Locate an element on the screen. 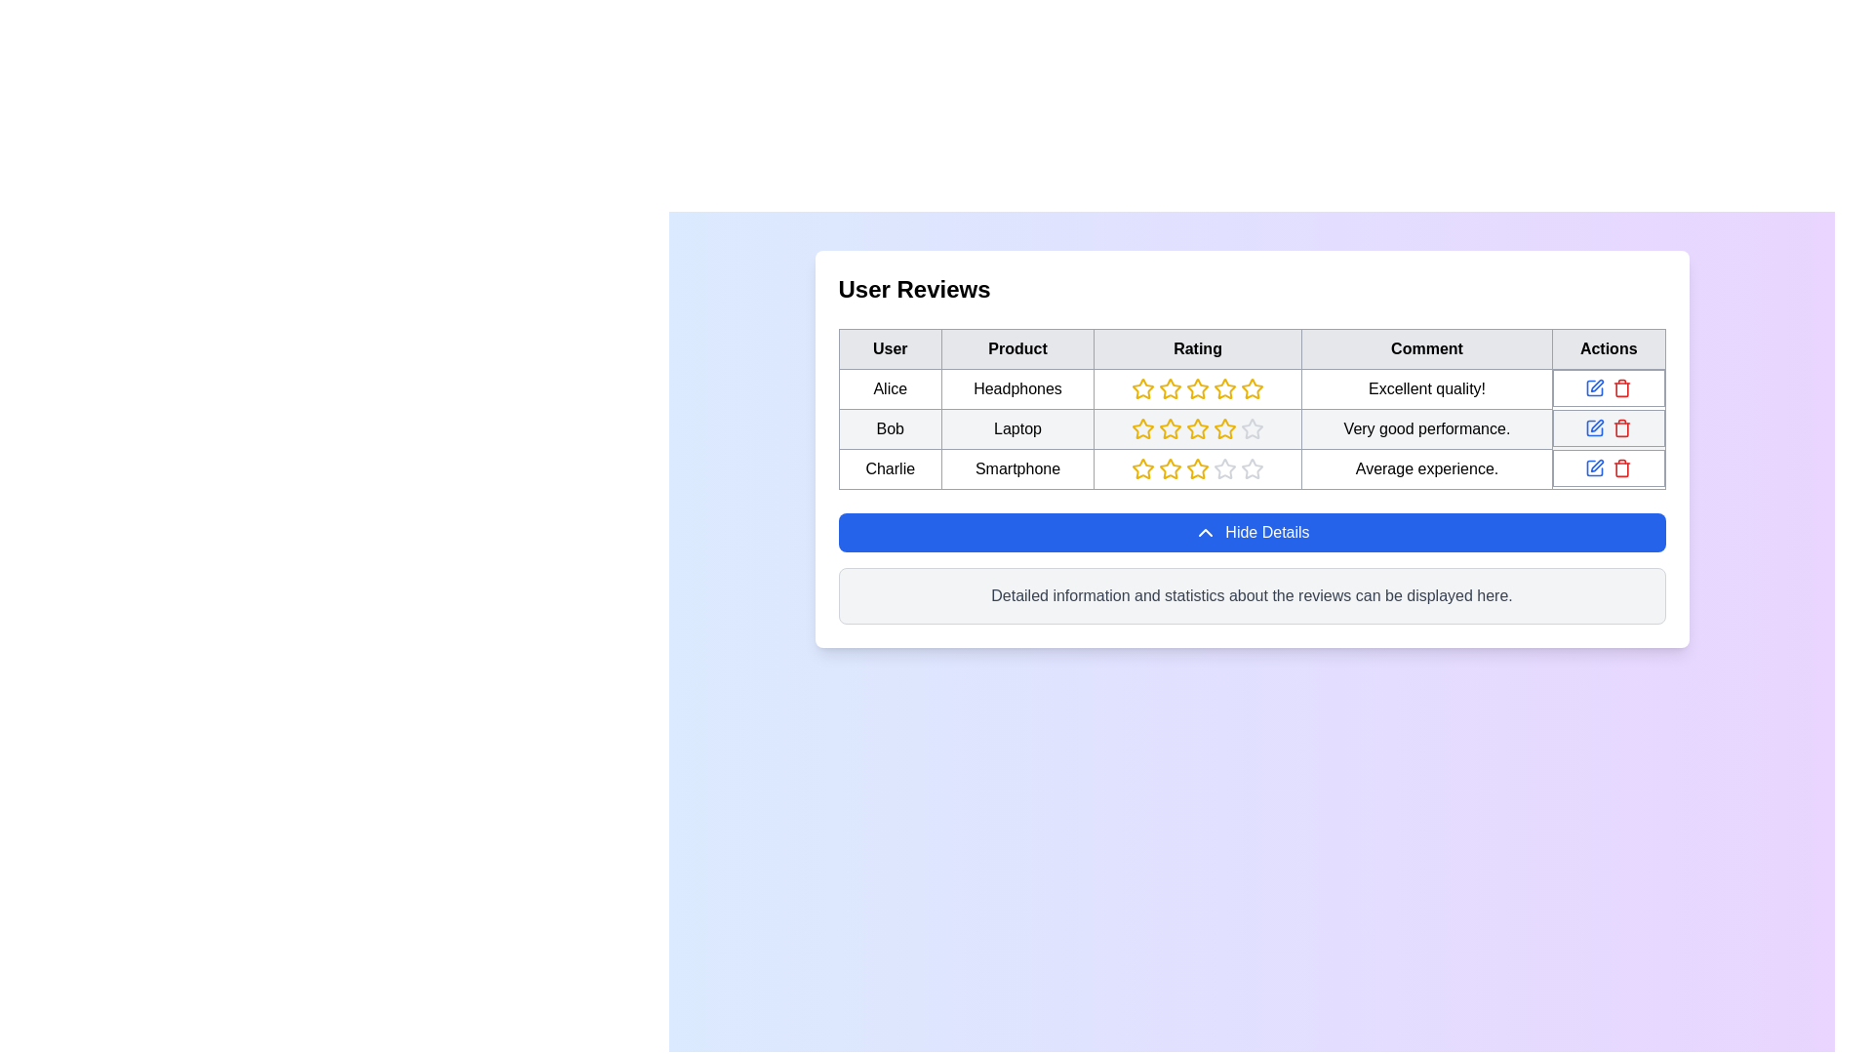  the edit icon in the 'Actions' column of the last row in the table is located at coordinates (1597, 466).